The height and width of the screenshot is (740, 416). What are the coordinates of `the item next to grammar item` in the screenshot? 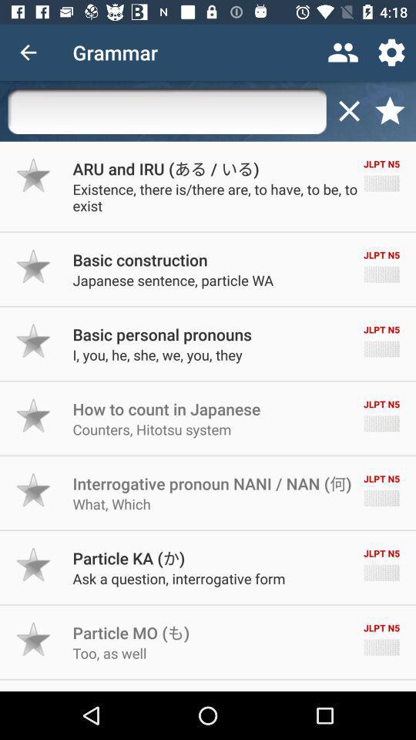 It's located at (343, 52).